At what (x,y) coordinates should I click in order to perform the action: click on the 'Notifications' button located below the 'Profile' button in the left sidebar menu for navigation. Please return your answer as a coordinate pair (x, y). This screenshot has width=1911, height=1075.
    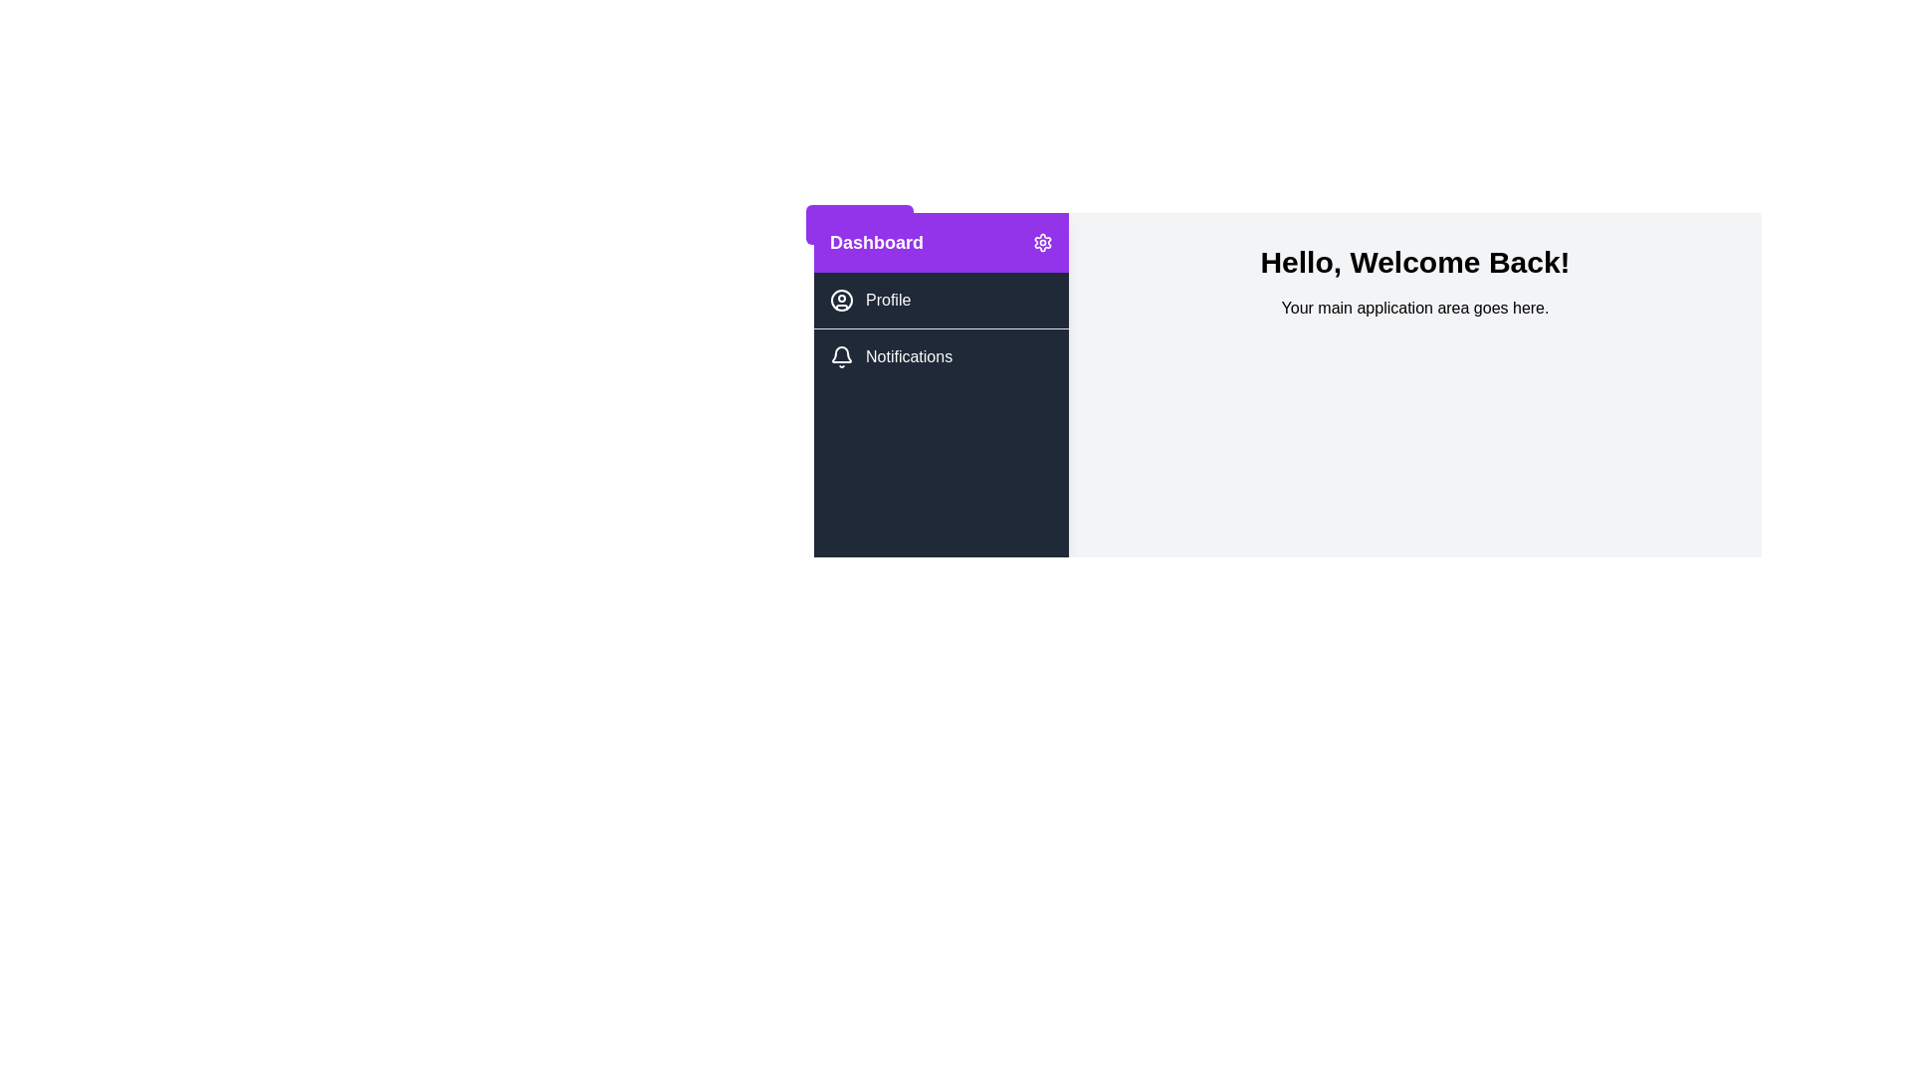
    Looking at the image, I should click on (940, 355).